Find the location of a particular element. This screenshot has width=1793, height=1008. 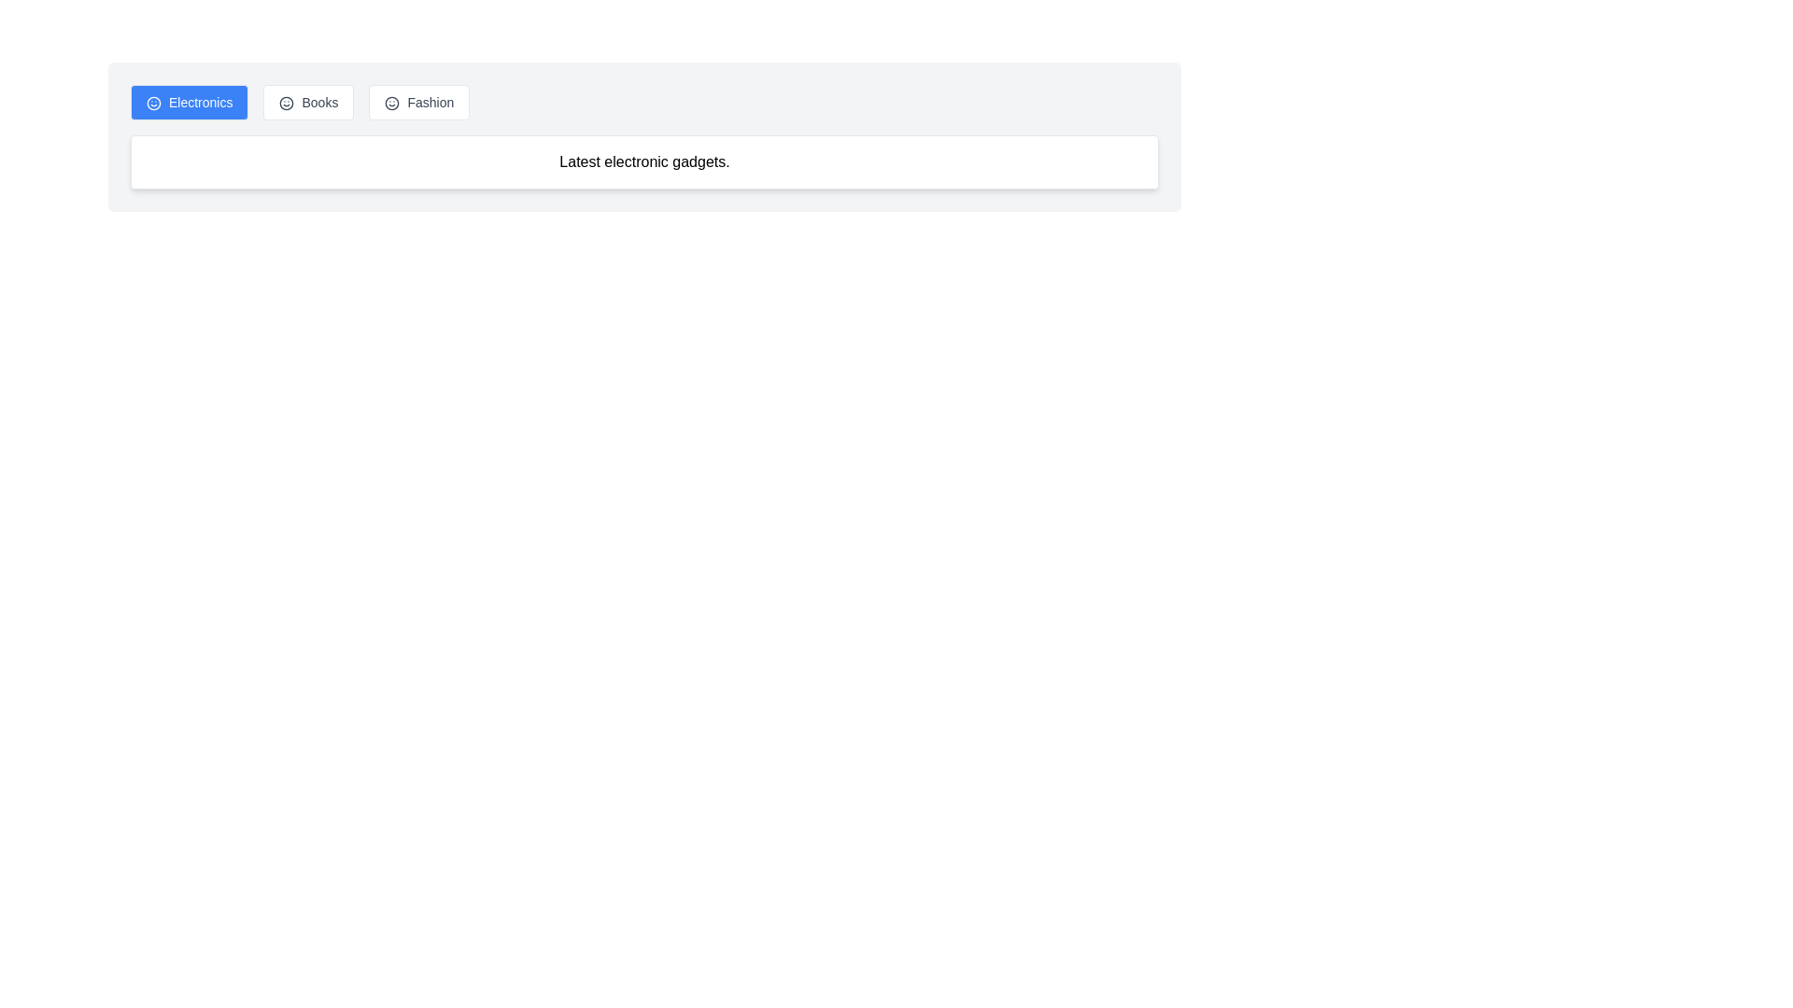

the smiley face icon located within the 'Fashion' button, which is the third button in a group at the top-center of the interface is located at coordinates (391, 104).